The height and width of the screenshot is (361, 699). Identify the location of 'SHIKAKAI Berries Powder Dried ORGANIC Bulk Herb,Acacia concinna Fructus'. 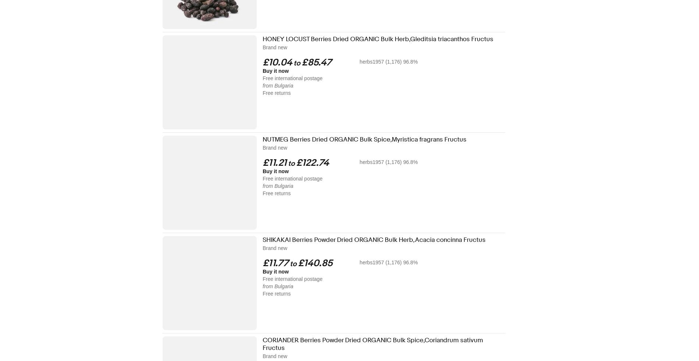
(374, 239).